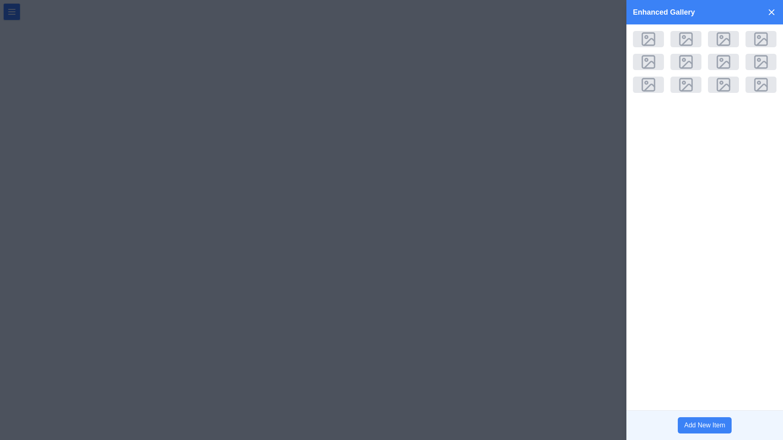 The image size is (783, 440). Describe the element at coordinates (685, 85) in the screenshot. I see `the gray-bordered image icon featuring a rectangle, circle, and diagonal line in the Enhanced Gallery dialog to interact with it` at that location.